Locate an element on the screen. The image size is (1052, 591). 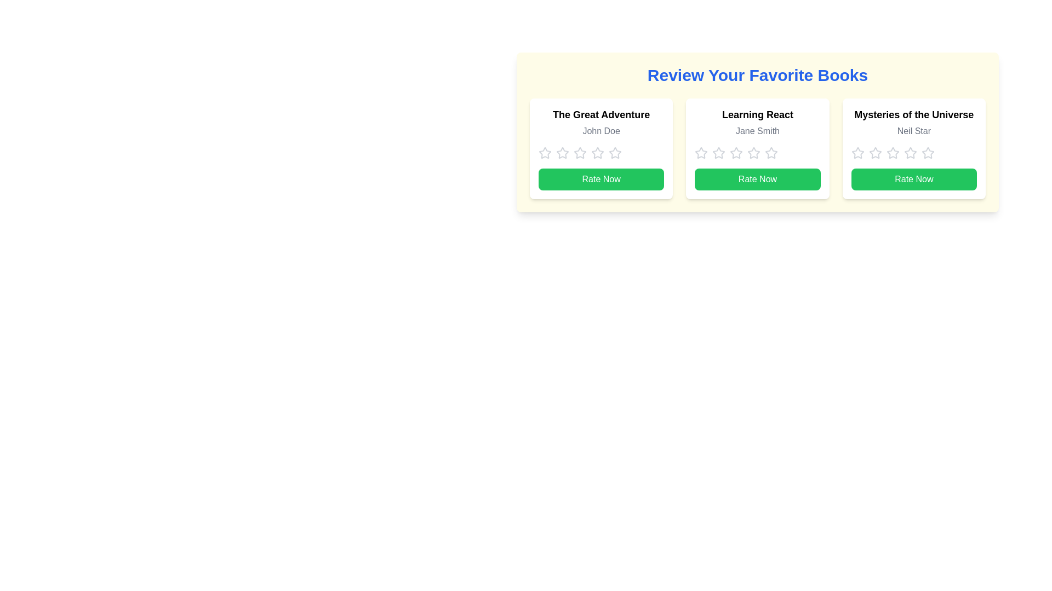
the fourth star icon in the rating control for 'The Great Adventure' is located at coordinates (615, 153).